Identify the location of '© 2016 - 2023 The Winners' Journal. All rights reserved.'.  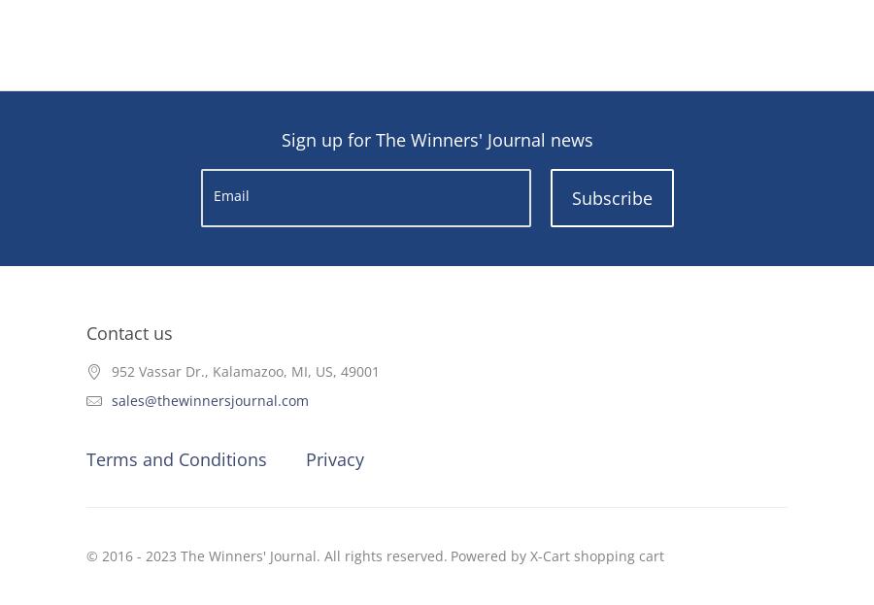
(266, 555).